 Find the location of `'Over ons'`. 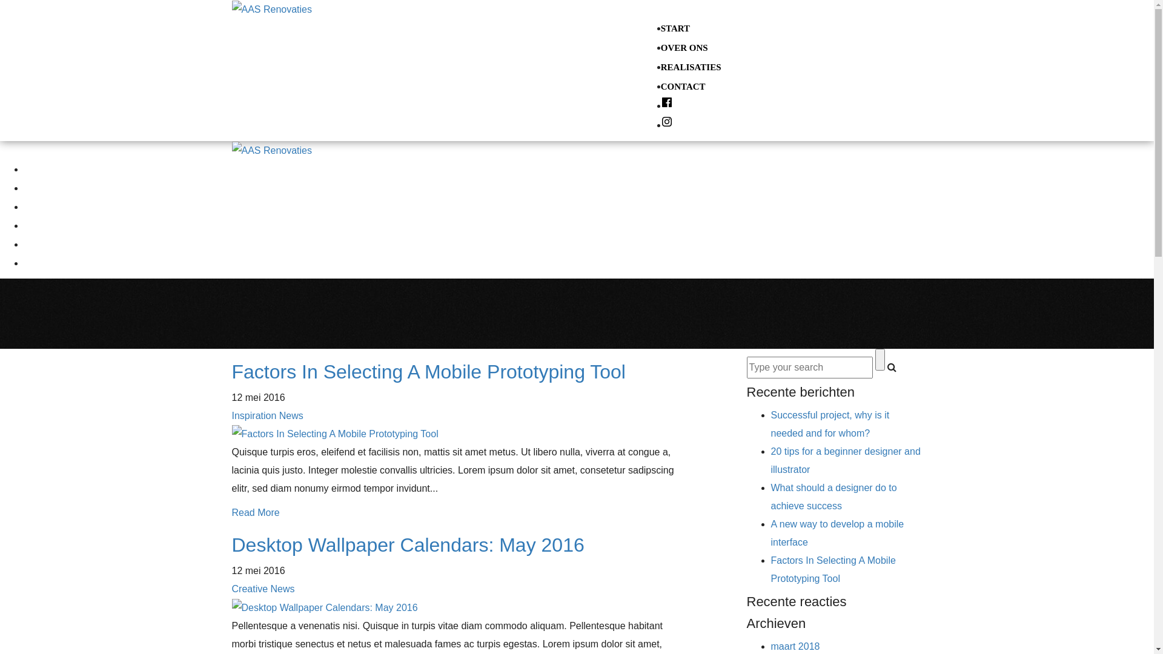

'Over ons' is located at coordinates (41, 187).